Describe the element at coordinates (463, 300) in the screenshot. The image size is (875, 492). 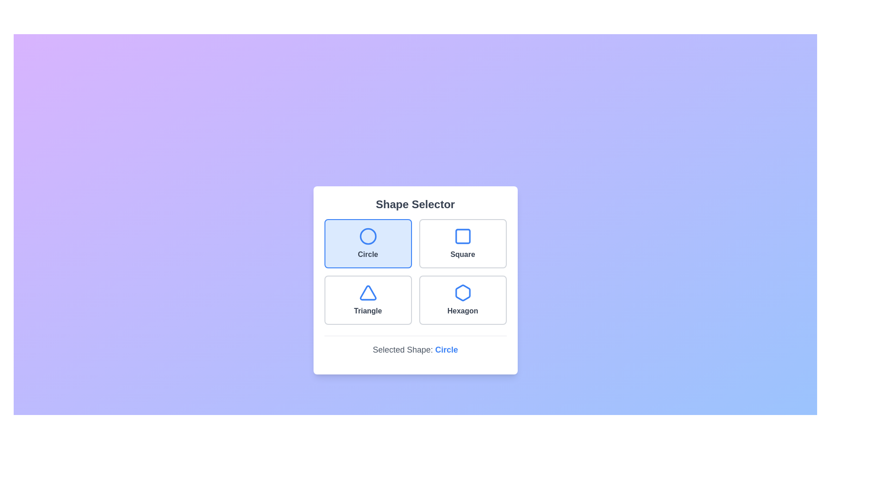
I see `the shape Hexagon by clicking its button` at that location.